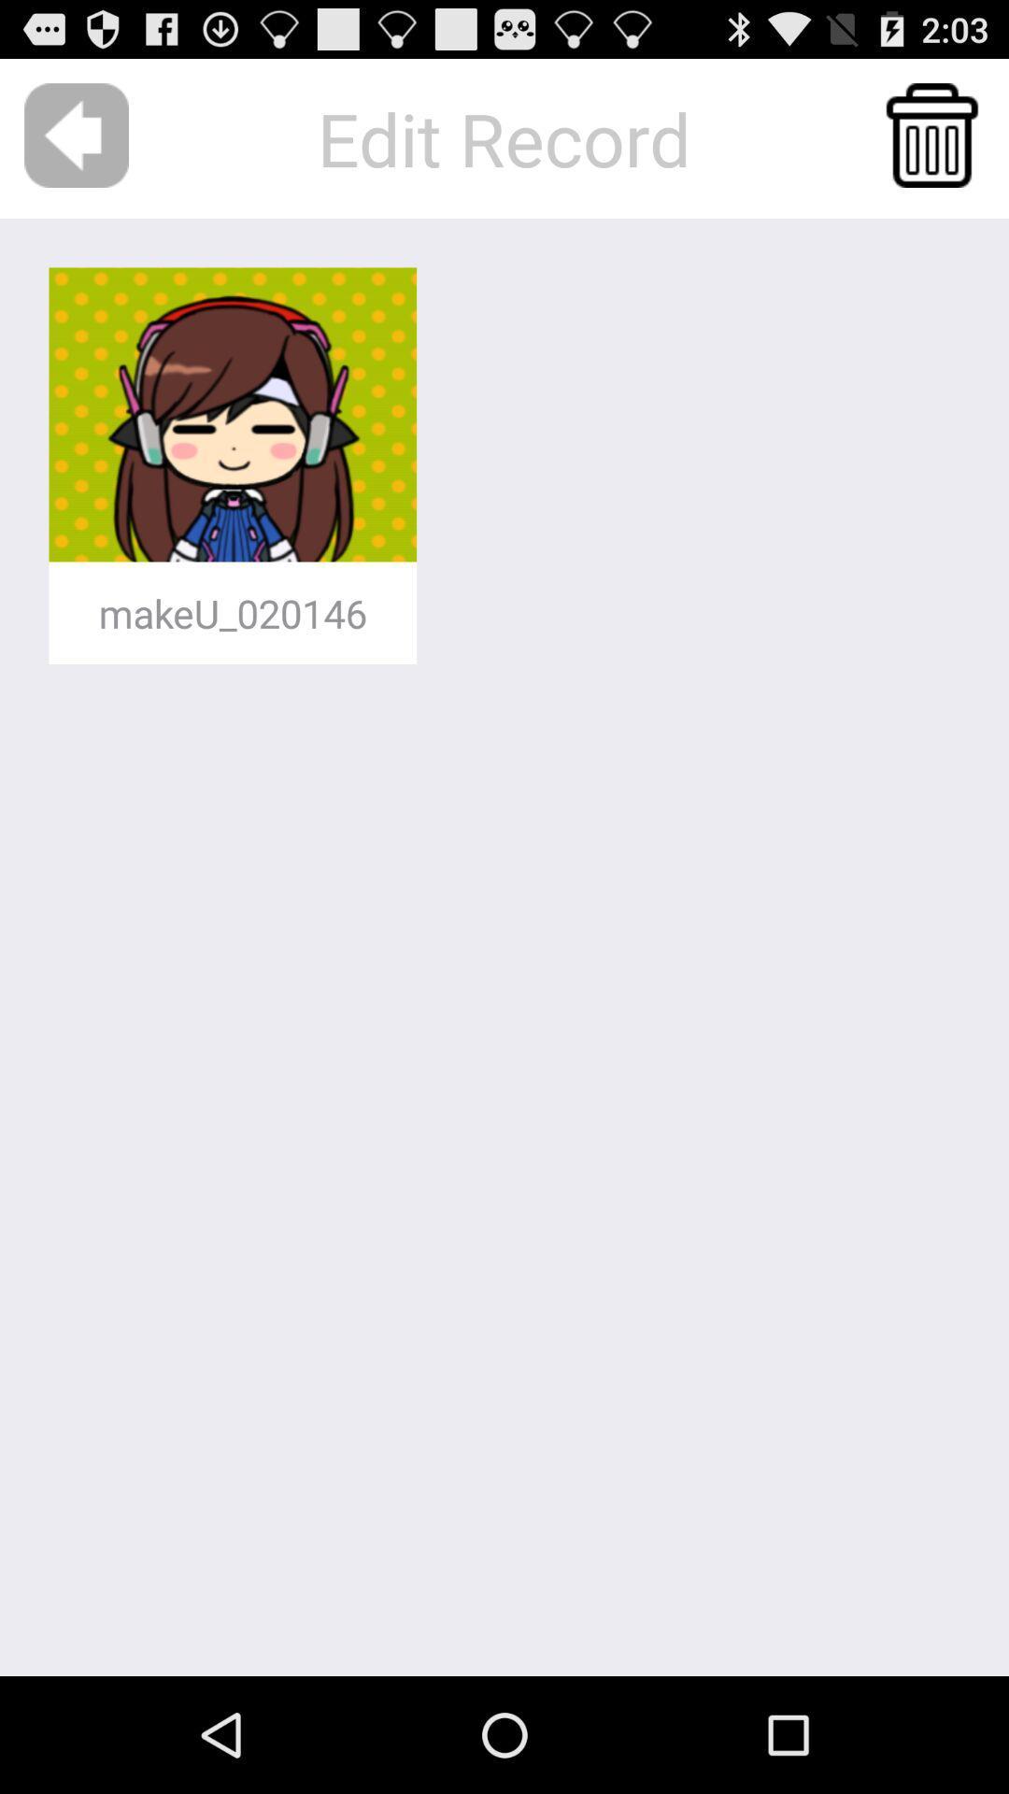  I want to click on the app to the right of the edit record item, so click(931, 135).